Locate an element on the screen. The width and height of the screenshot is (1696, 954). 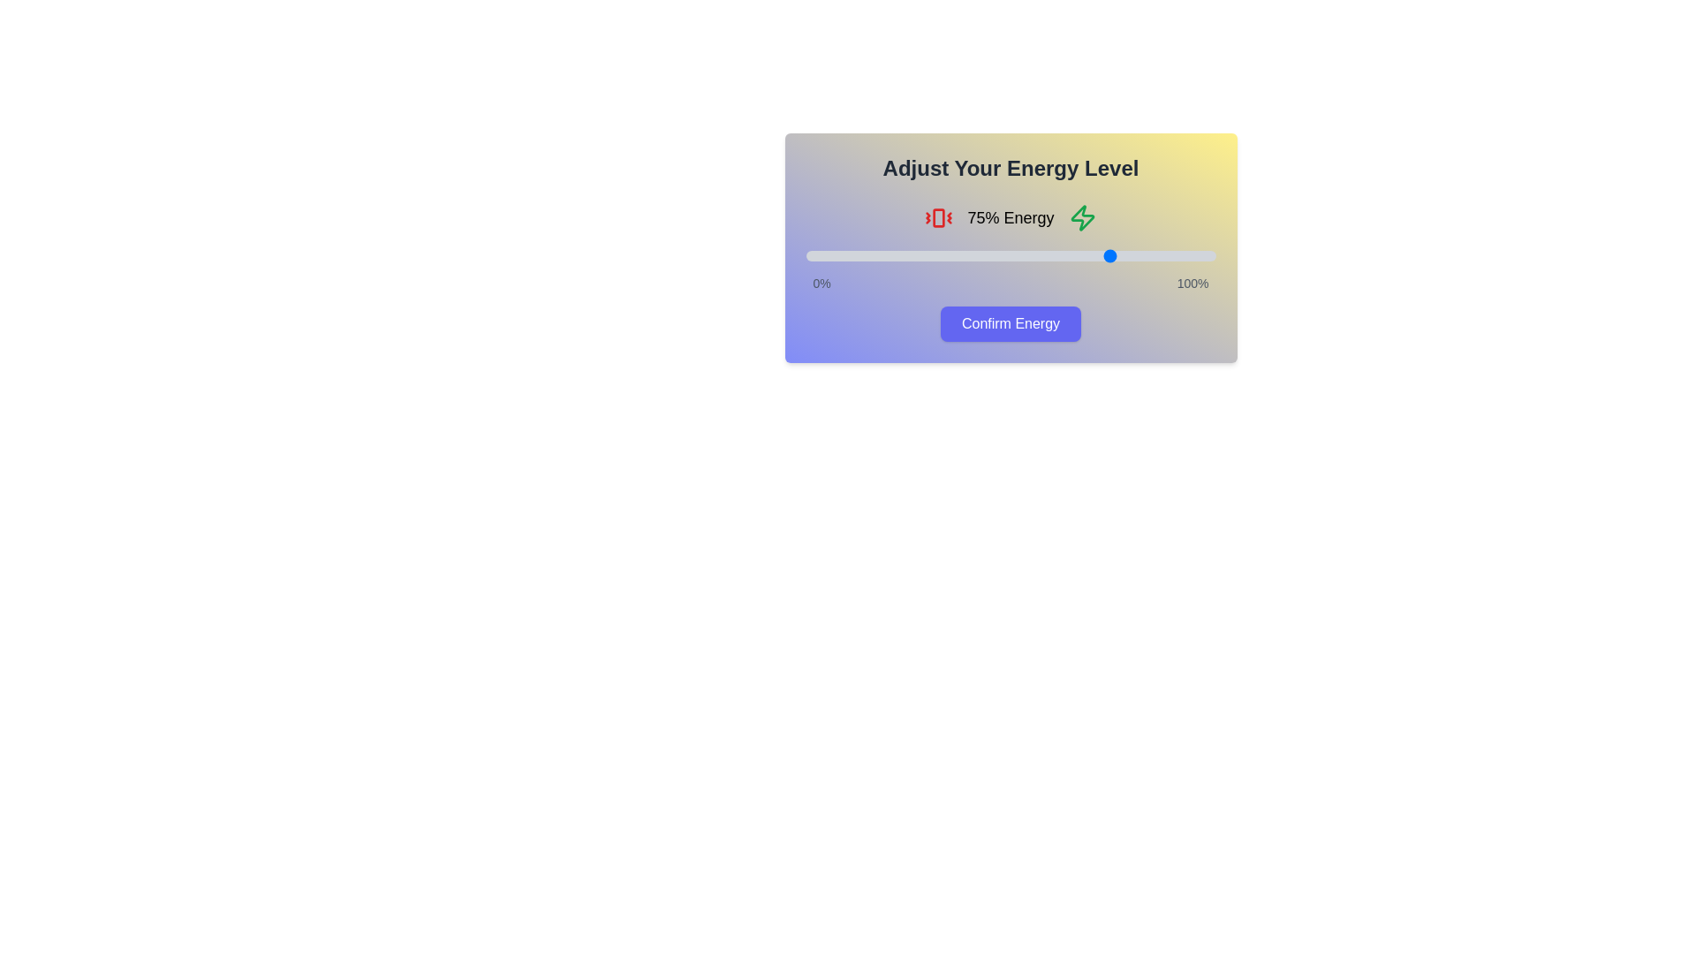
'Confirm Energy' button is located at coordinates (1011, 323).